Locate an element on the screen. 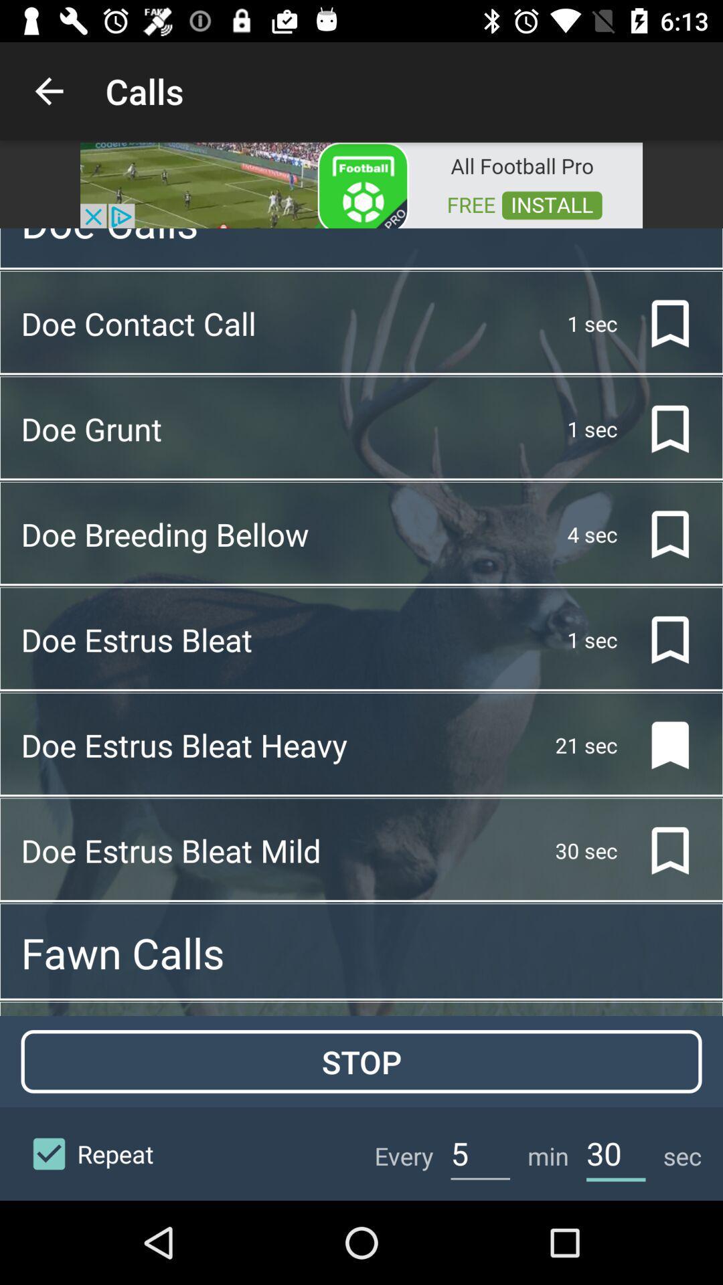 The width and height of the screenshot is (723, 1285). the bookmark icon is located at coordinates (659, 429).